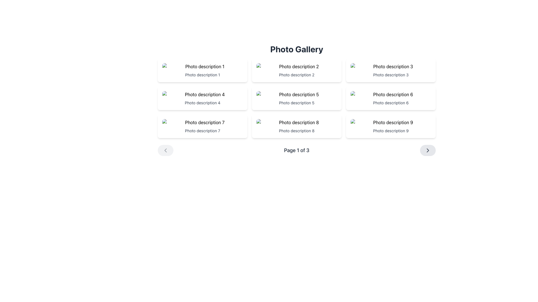 This screenshot has height=302, width=538. What do you see at coordinates (202, 126) in the screenshot?
I see `the first clickable card in the bottom row of a three-column grid layout, which contains an image and text, to obtain more information about the displayed content` at bounding box center [202, 126].